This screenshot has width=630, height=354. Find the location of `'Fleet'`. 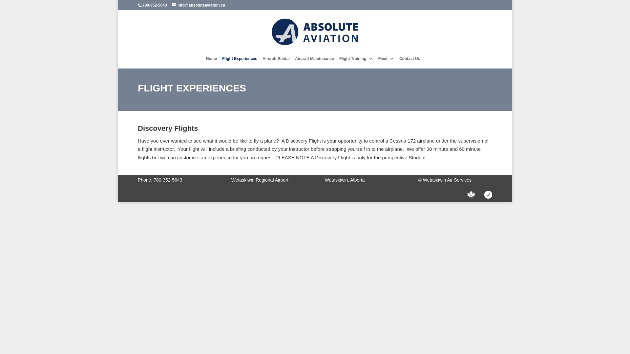

'Fleet' is located at coordinates (378, 63).